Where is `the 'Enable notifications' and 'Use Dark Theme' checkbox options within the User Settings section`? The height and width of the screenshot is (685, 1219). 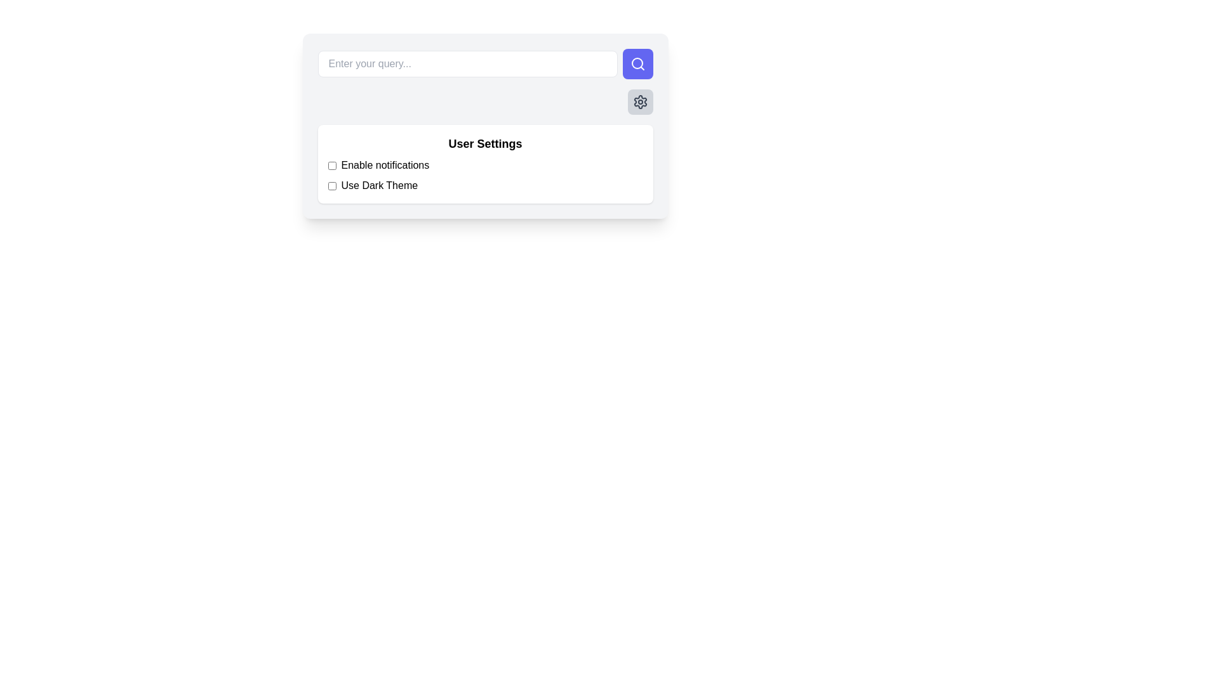
the 'Enable notifications' and 'Use Dark Theme' checkbox options within the User Settings section is located at coordinates (484, 176).